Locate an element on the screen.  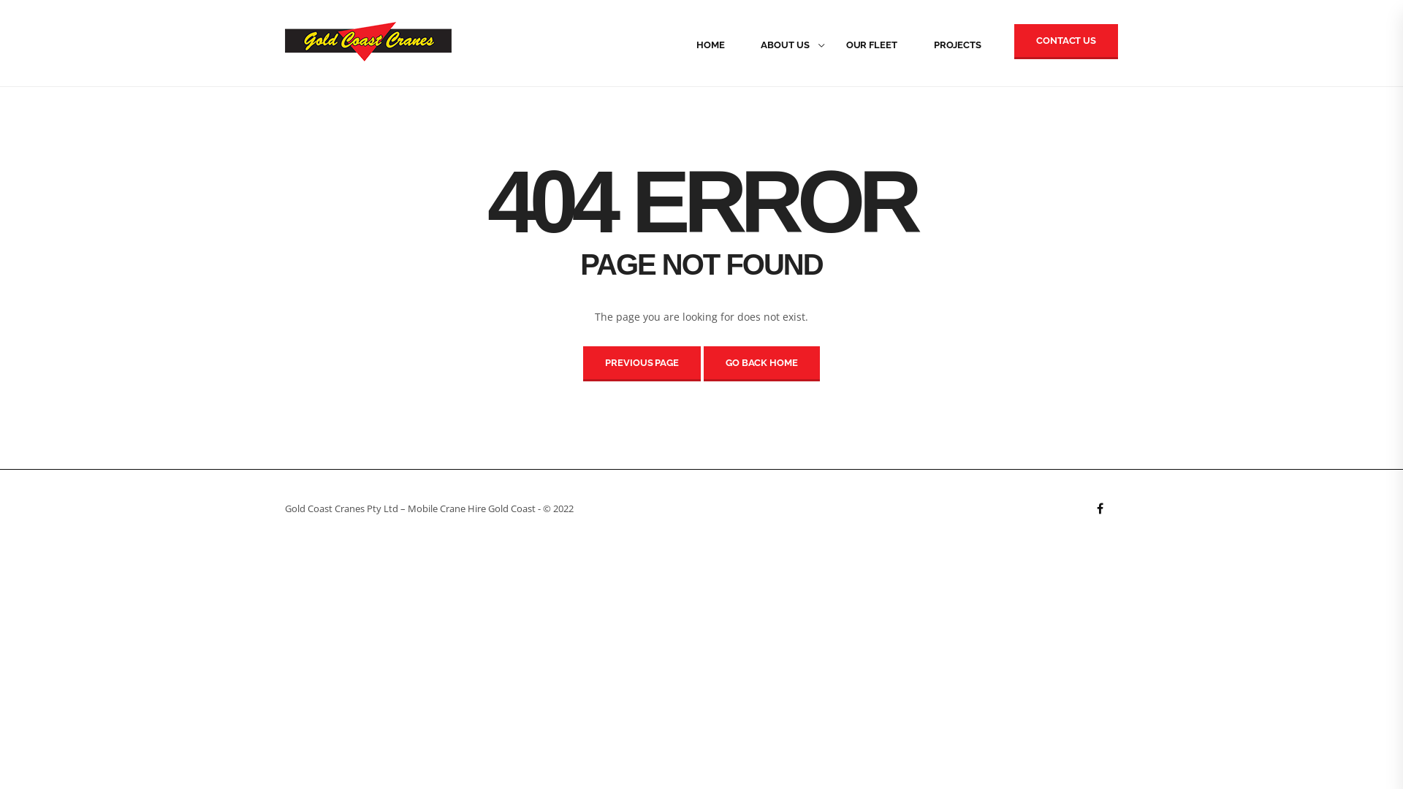
'HOME' is located at coordinates (710, 44).